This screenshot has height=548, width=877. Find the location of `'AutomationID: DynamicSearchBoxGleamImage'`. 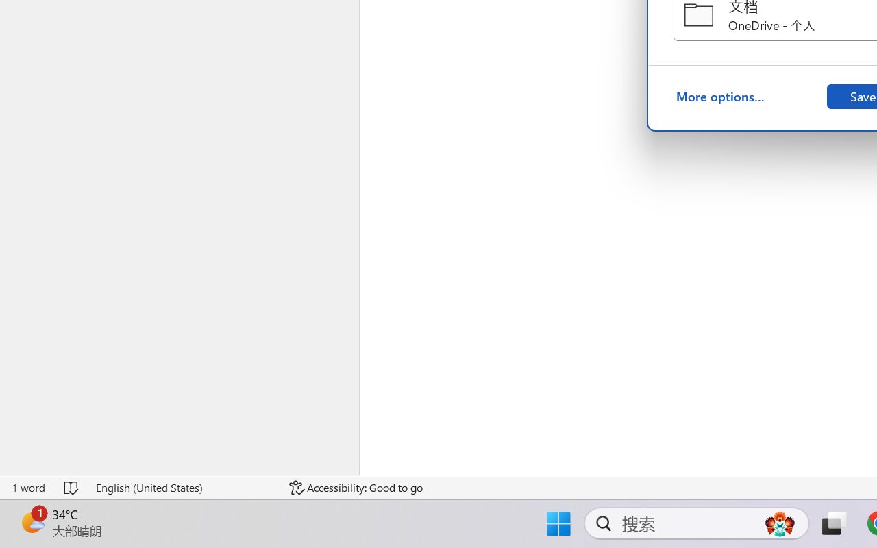

'AutomationID: DynamicSearchBoxGleamImage' is located at coordinates (780, 523).